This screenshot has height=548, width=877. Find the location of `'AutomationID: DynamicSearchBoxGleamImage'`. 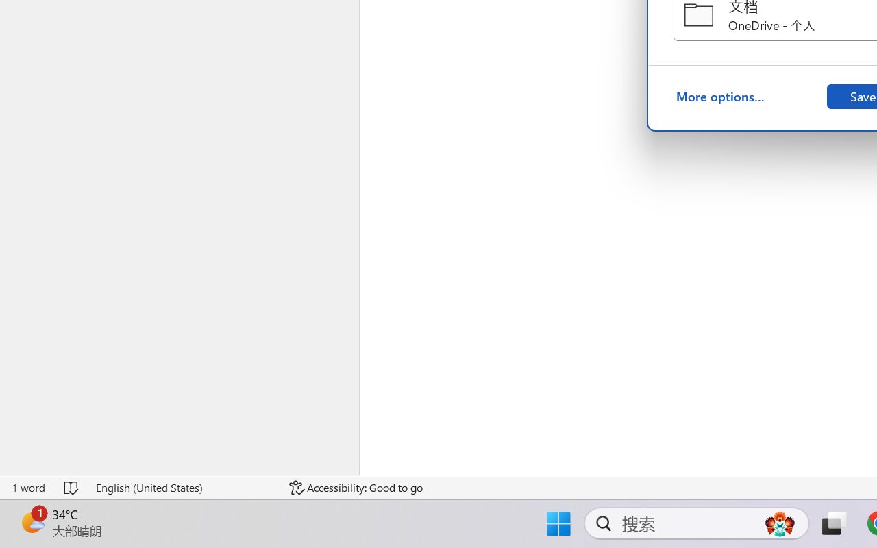

'AutomationID: DynamicSearchBoxGleamImage' is located at coordinates (780, 523).